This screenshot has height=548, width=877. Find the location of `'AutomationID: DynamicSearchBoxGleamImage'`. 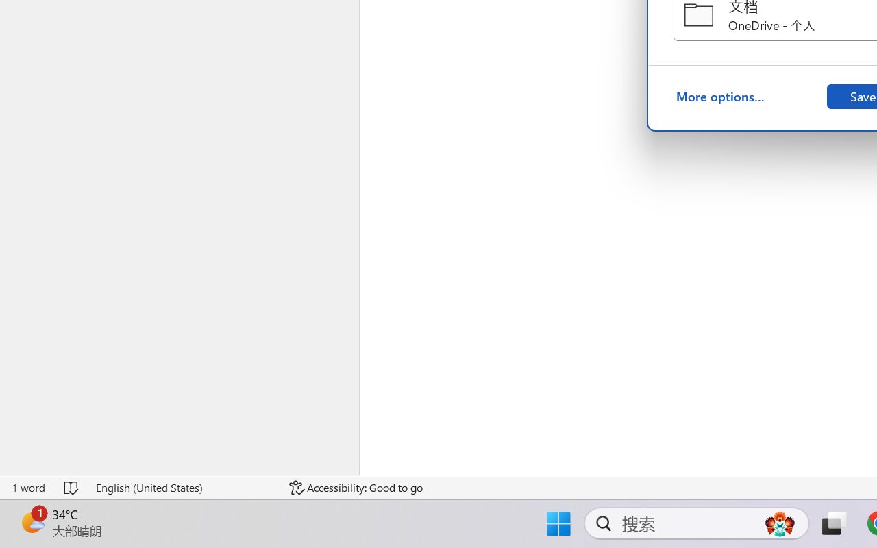

'AutomationID: DynamicSearchBoxGleamImage' is located at coordinates (780, 523).